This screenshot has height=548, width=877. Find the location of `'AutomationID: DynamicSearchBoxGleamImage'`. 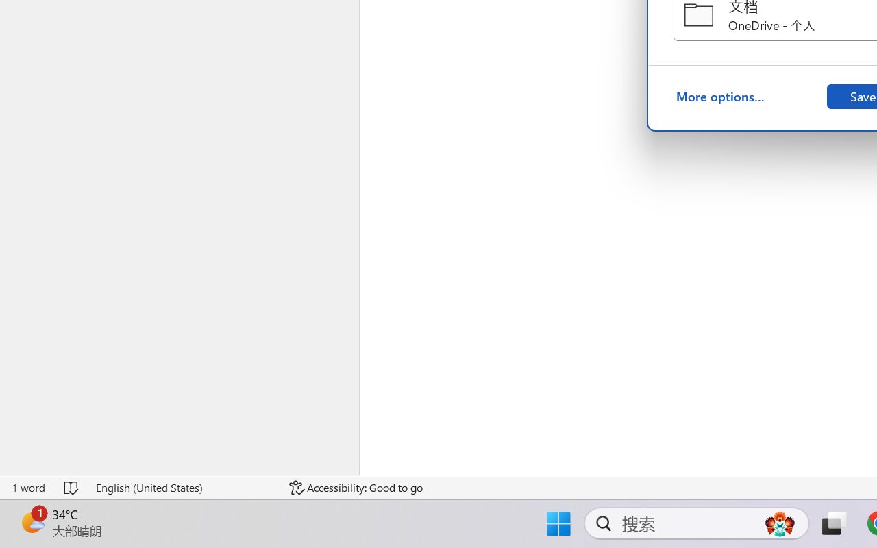

'AutomationID: DynamicSearchBoxGleamImage' is located at coordinates (780, 523).